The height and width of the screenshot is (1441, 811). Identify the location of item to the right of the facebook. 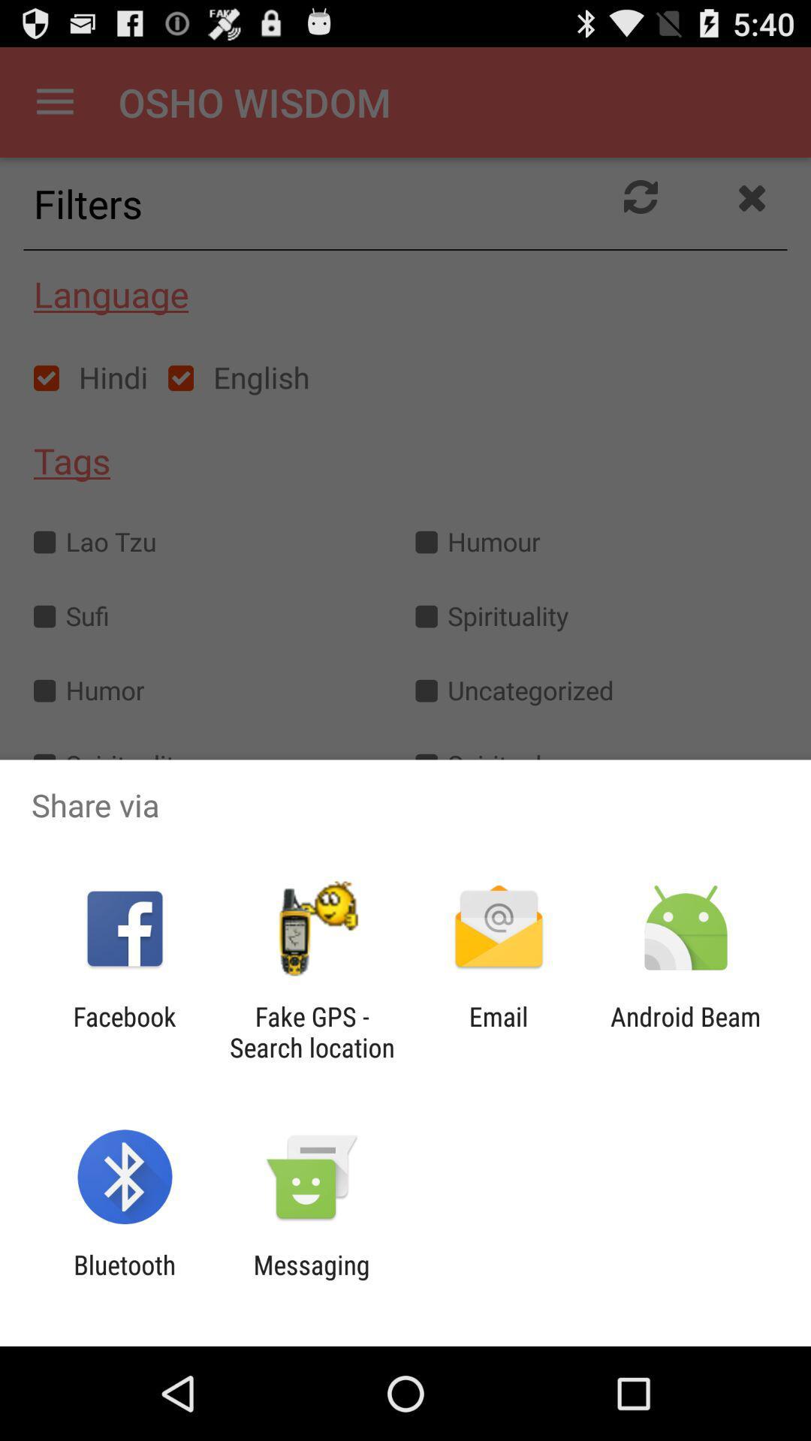
(311, 1031).